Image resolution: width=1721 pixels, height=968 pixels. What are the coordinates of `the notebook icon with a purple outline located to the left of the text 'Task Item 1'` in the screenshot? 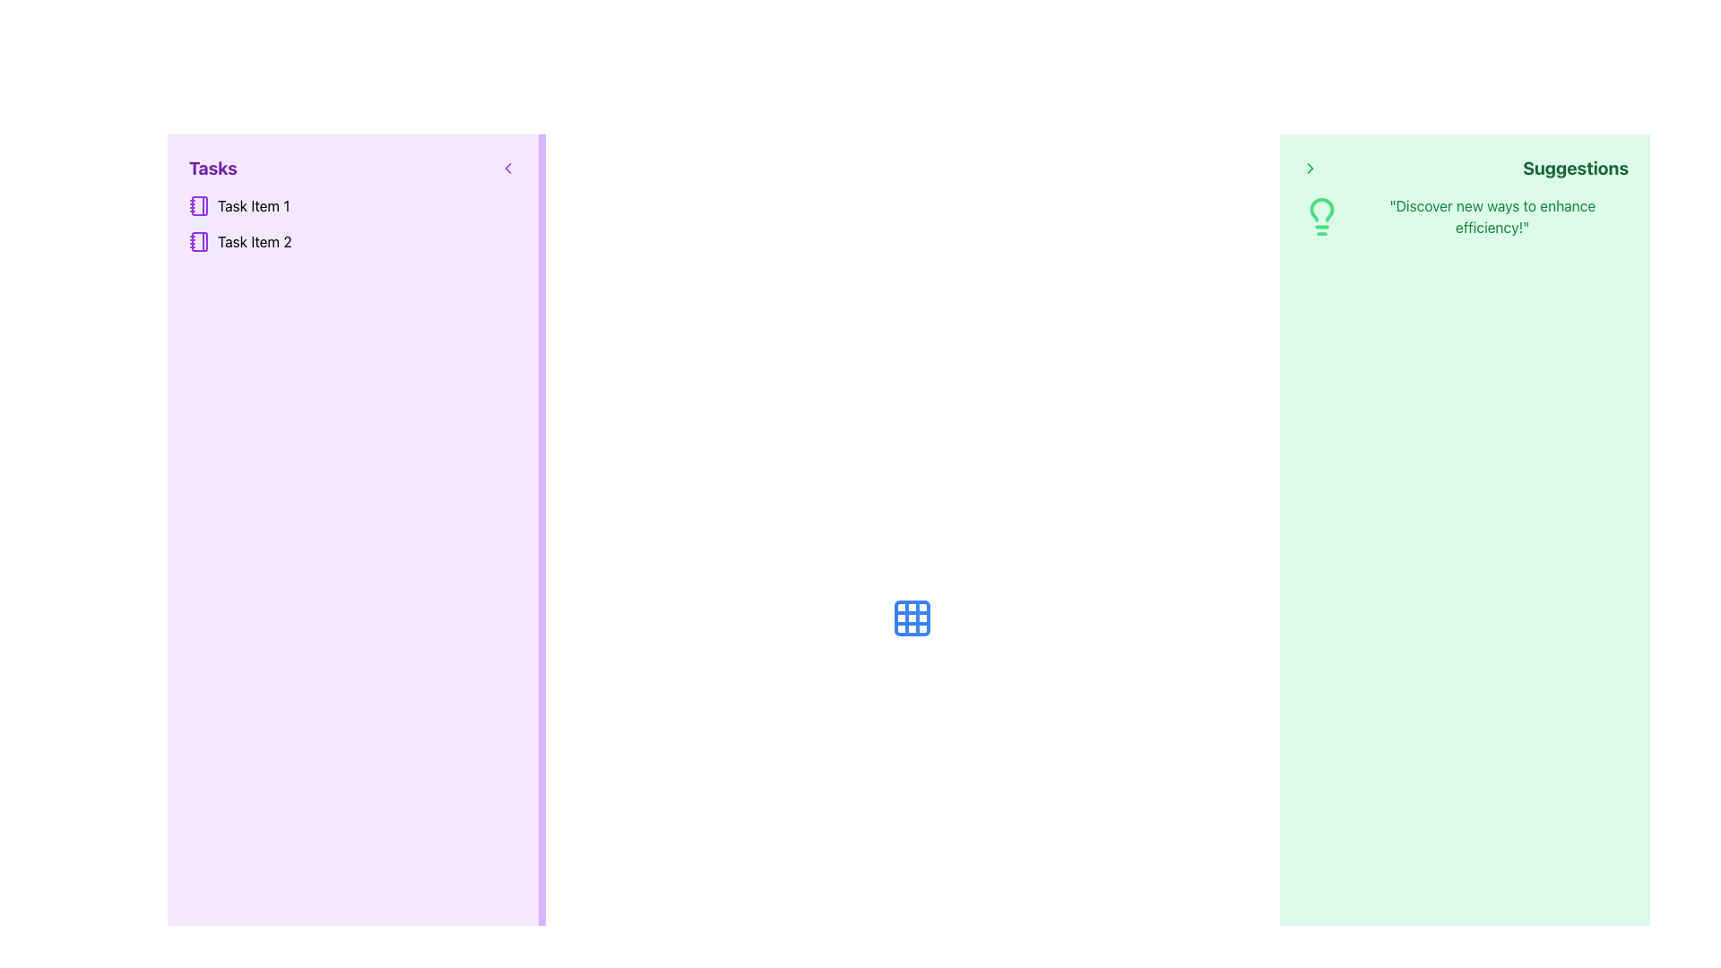 It's located at (199, 205).